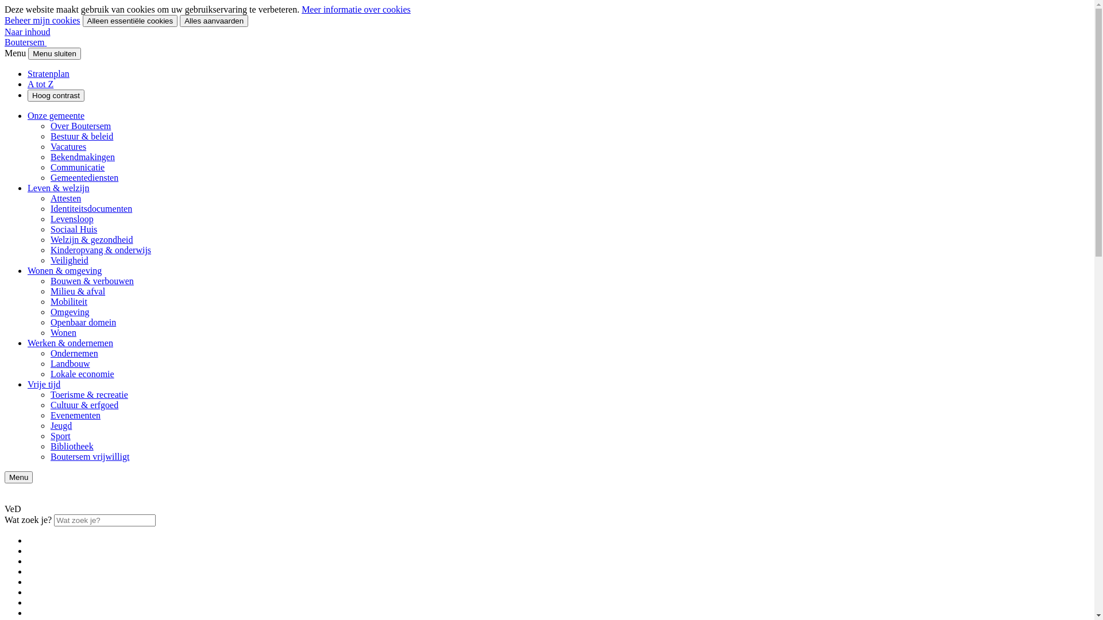 The image size is (1103, 620). What do you see at coordinates (77, 290) in the screenshot?
I see `'Milieu & afval'` at bounding box center [77, 290].